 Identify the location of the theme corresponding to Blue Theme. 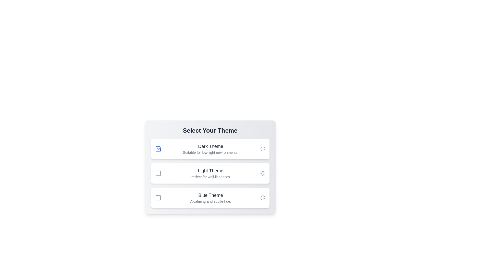
(158, 197).